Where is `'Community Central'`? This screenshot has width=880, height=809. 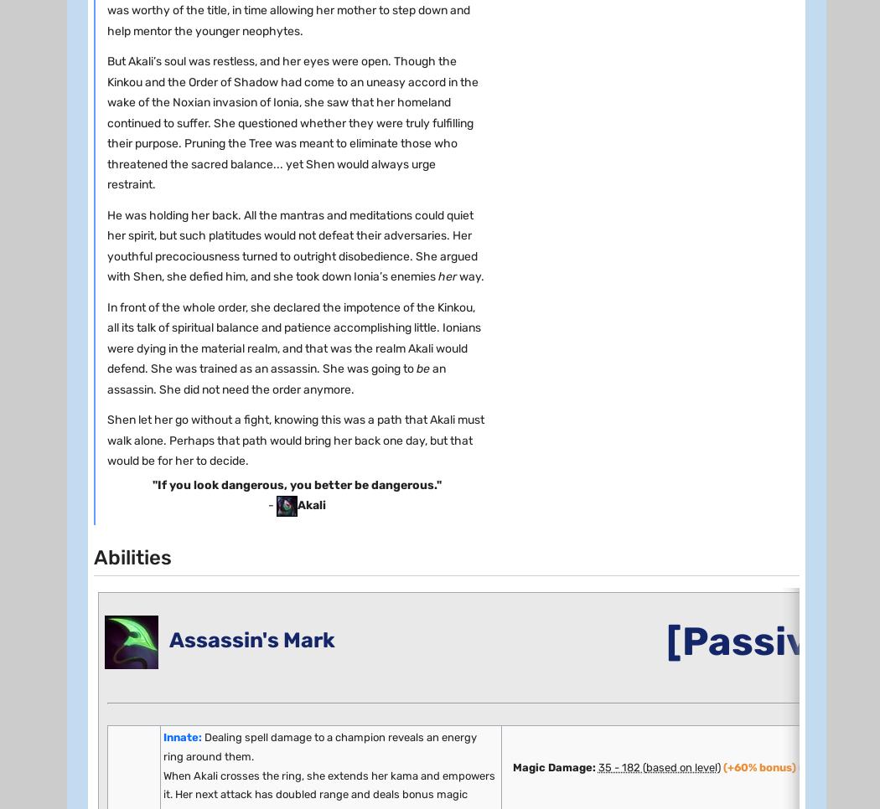 'Community Central' is located at coordinates (121, 116).